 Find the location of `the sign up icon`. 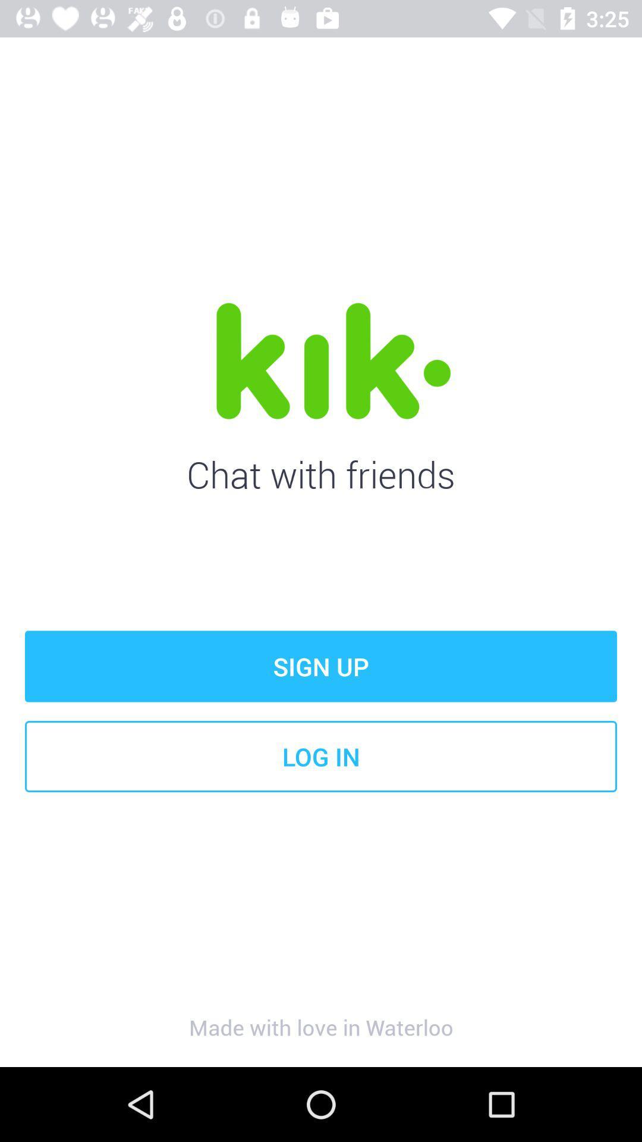

the sign up icon is located at coordinates (321, 666).